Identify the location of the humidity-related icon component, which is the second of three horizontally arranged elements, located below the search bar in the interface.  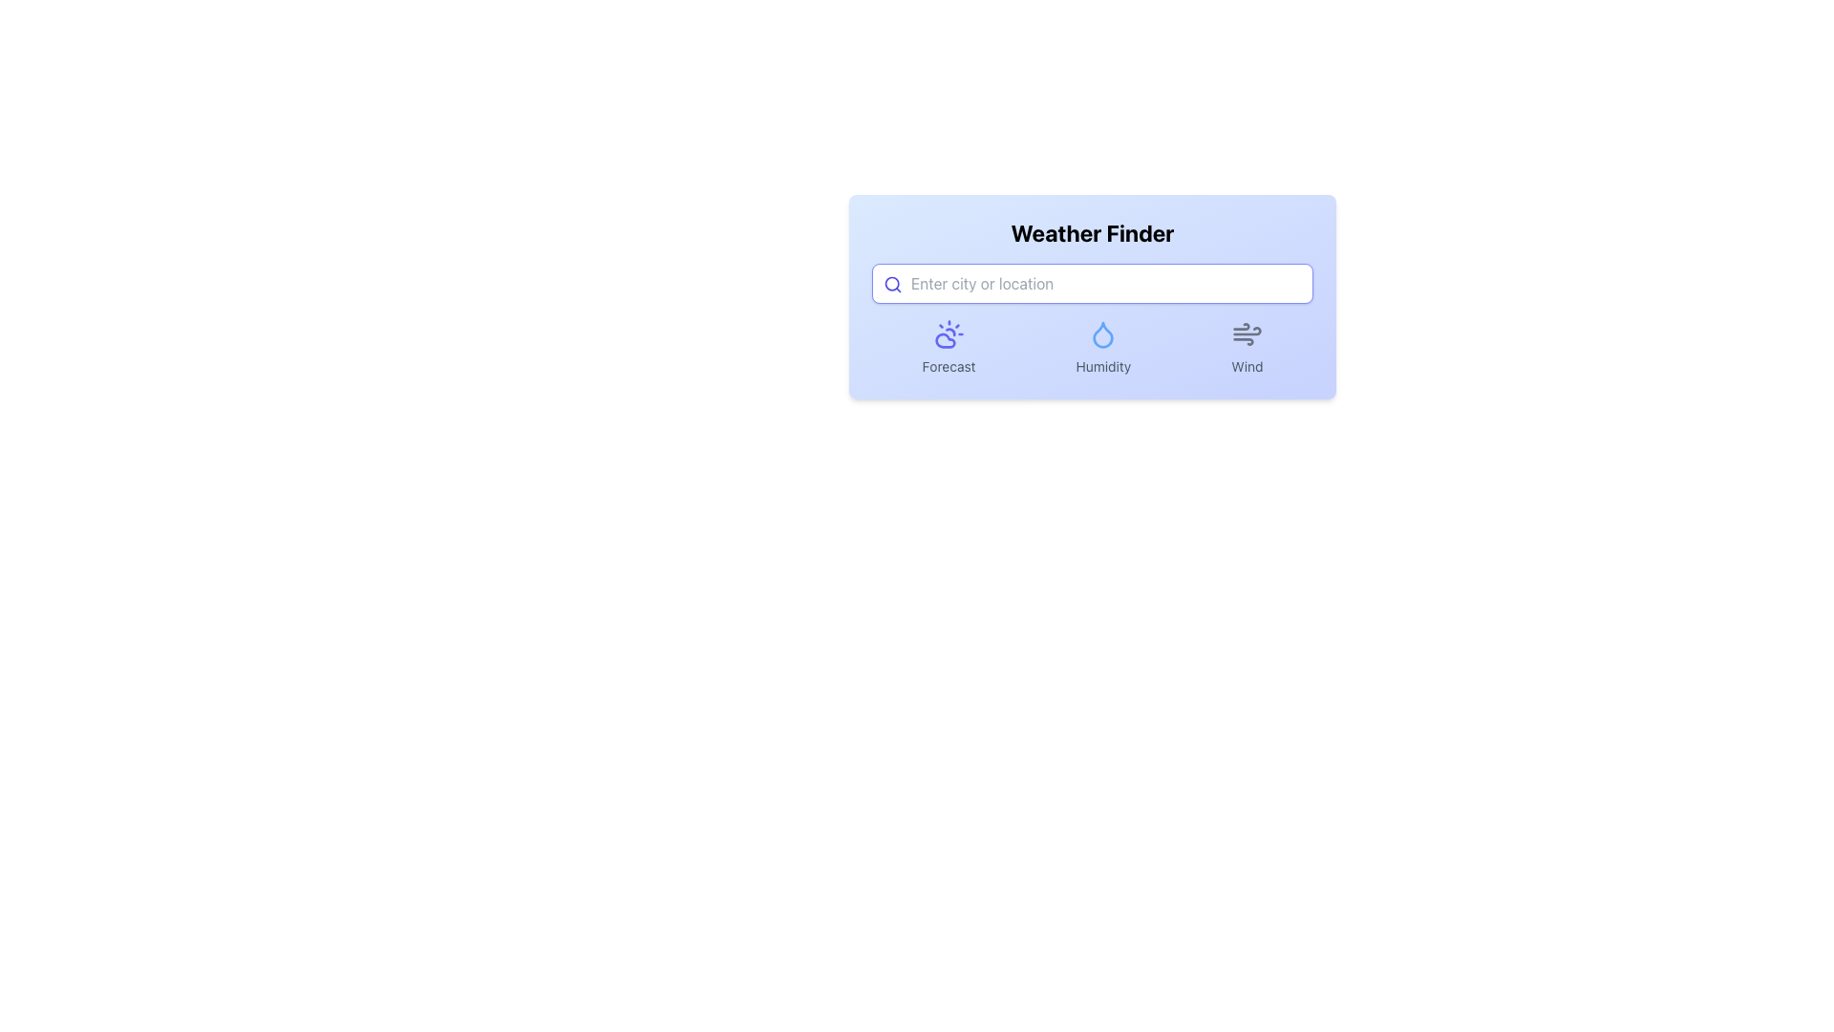
(1103, 347).